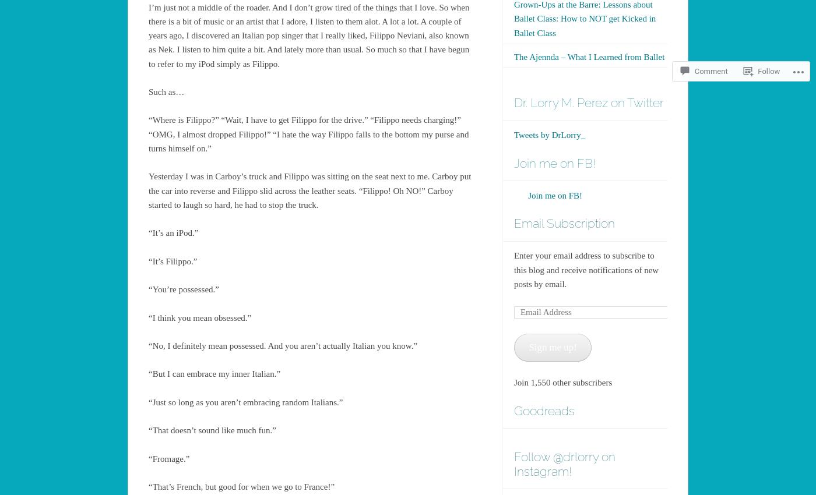 This screenshot has height=495, width=816. I want to click on '“But I can embrace my inner Italian.”', so click(214, 374).